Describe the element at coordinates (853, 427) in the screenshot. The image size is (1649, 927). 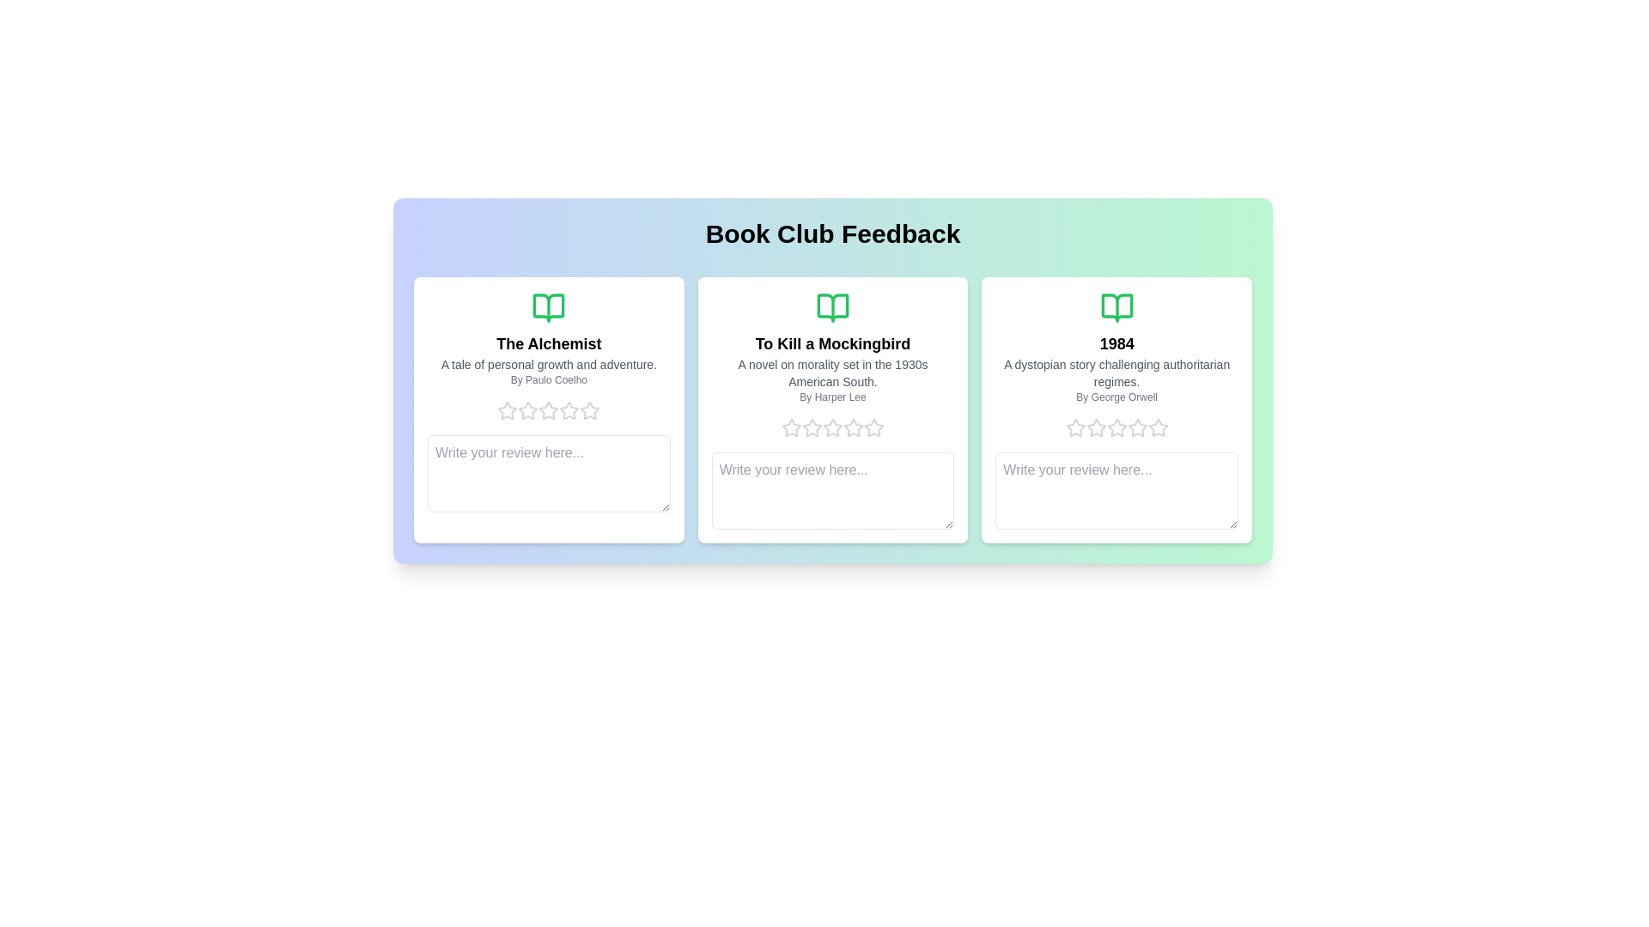
I see `the central star in the five-star rating system under 'To Kill a Mockingbird' in the 'Book Club Feedback' section` at that location.